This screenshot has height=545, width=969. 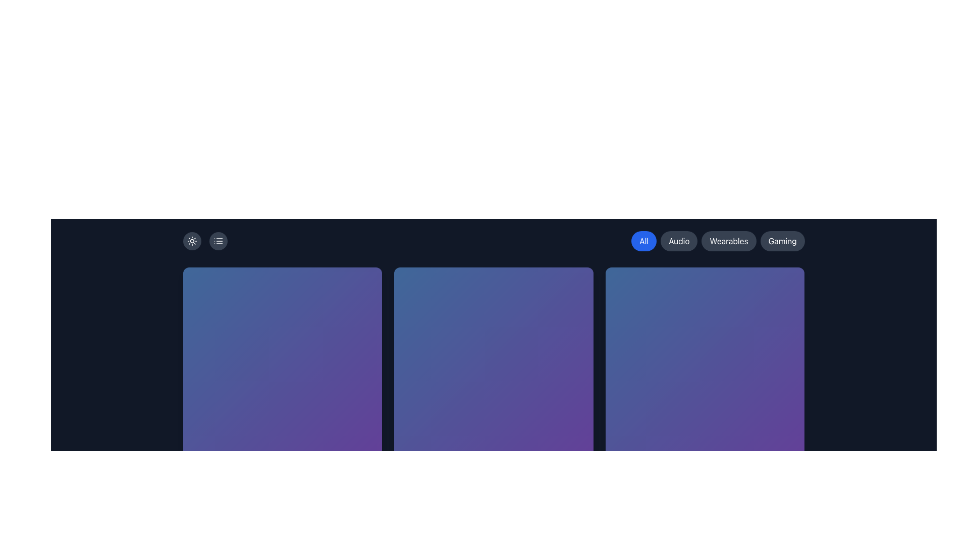 I want to click on the list view icon located in the navigation bar at the top of the interface for accessibility purposes, so click(x=218, y=241).